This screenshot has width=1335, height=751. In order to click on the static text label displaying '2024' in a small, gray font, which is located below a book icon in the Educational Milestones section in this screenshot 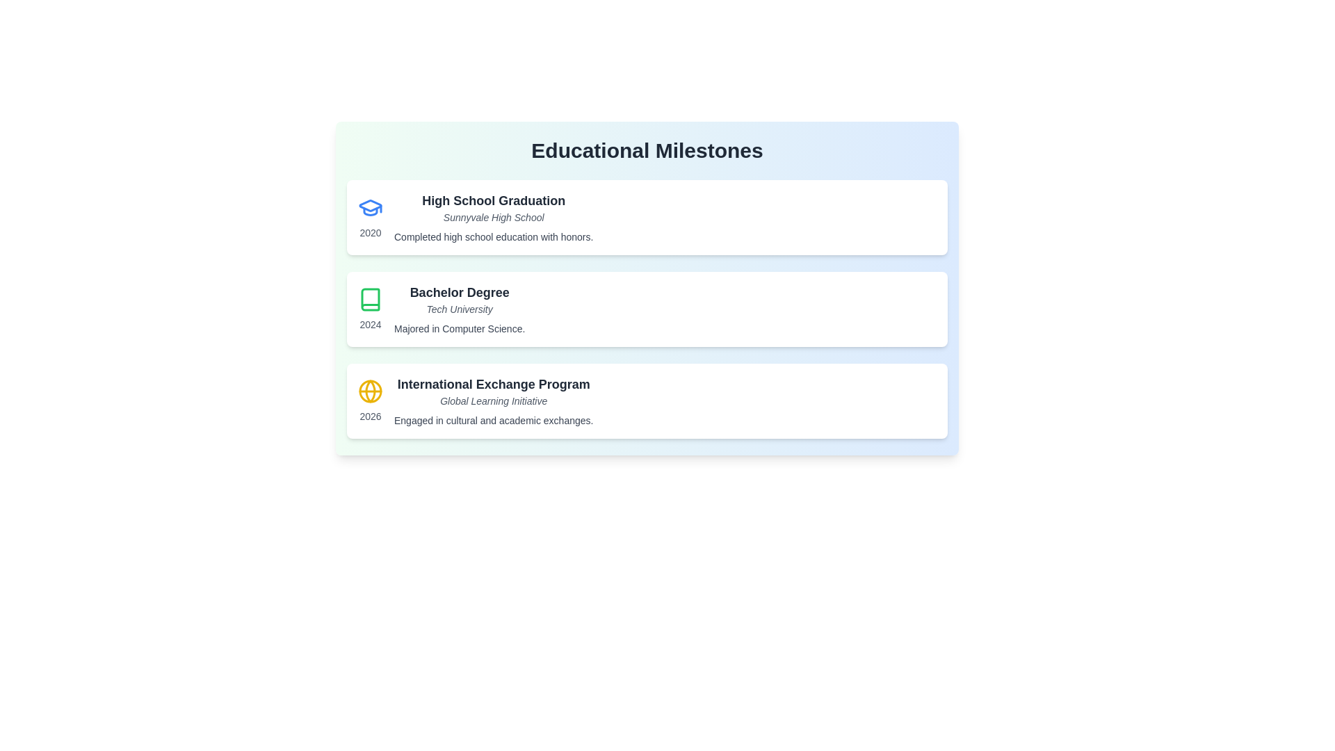, I will do `click(370, 324)`.